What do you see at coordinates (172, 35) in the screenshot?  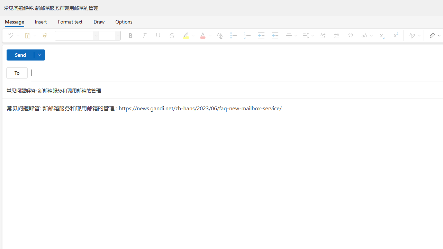 I see `'Strikethrough'` at bounding box center [172, 35].